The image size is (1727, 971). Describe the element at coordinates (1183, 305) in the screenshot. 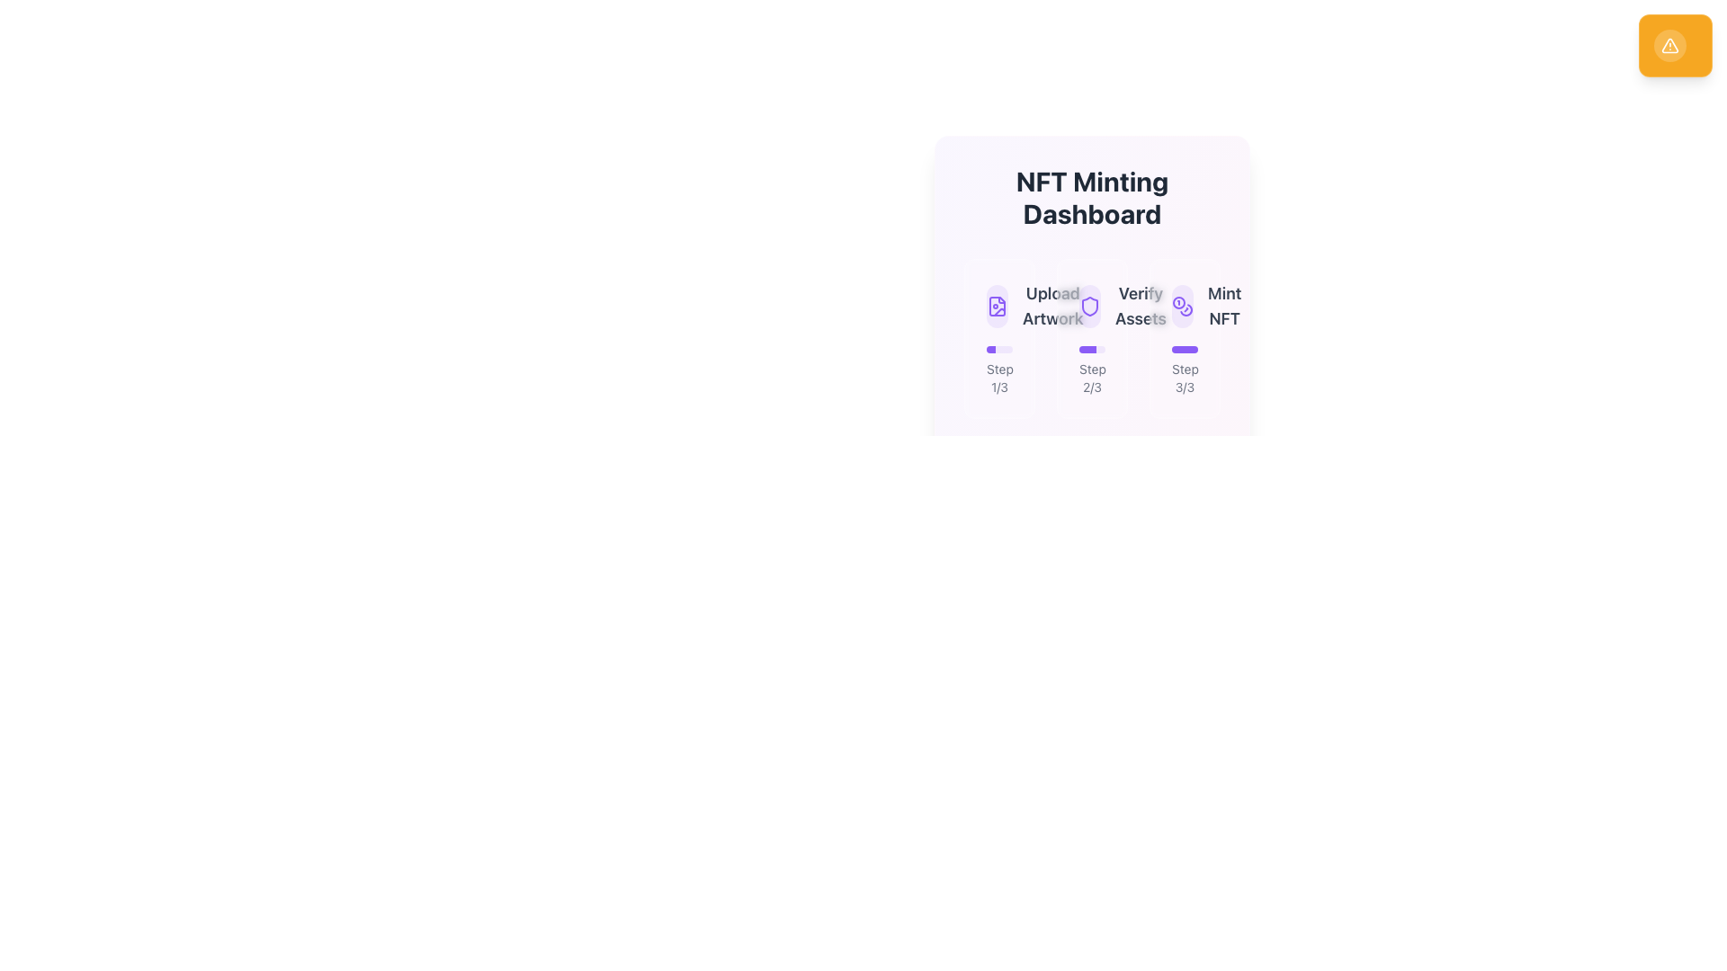

I see `the circular violet icon with stacked coins inside, located in the third position labeled 'Mint NFT'` at that location.